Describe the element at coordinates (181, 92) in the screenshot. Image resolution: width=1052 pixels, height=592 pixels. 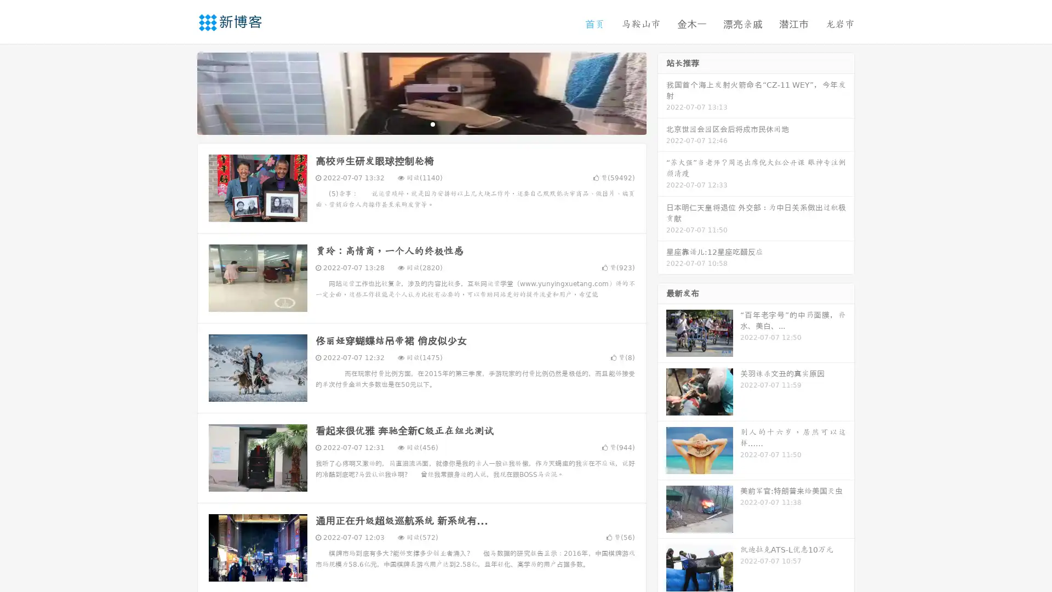
I see `Previous slide` at that location.